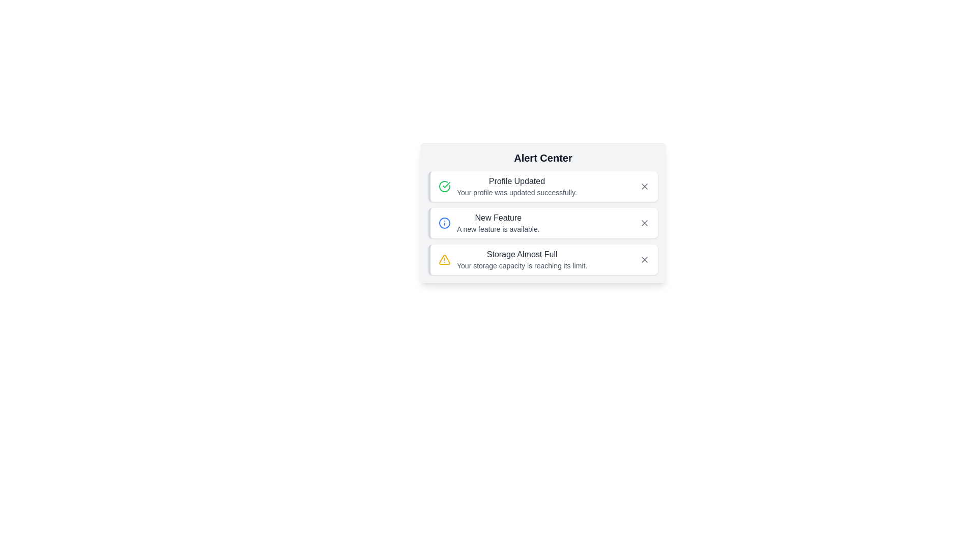  Describe the element at coordinates (542, 223) in the screenshot. I see `notification card that informs about a new feature, located in the Alert Center below the Profile Updated notification` at that location.